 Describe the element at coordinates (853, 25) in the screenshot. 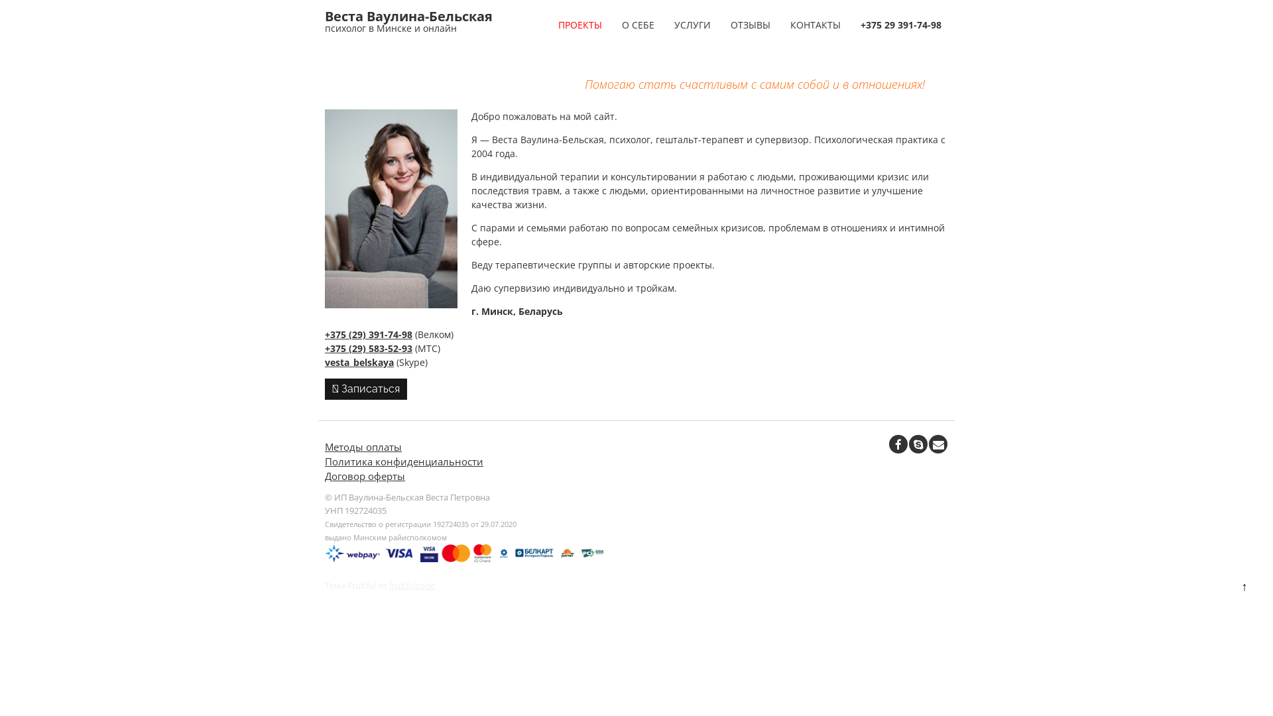

I see `'+375 29 391-74-98'` at that location.